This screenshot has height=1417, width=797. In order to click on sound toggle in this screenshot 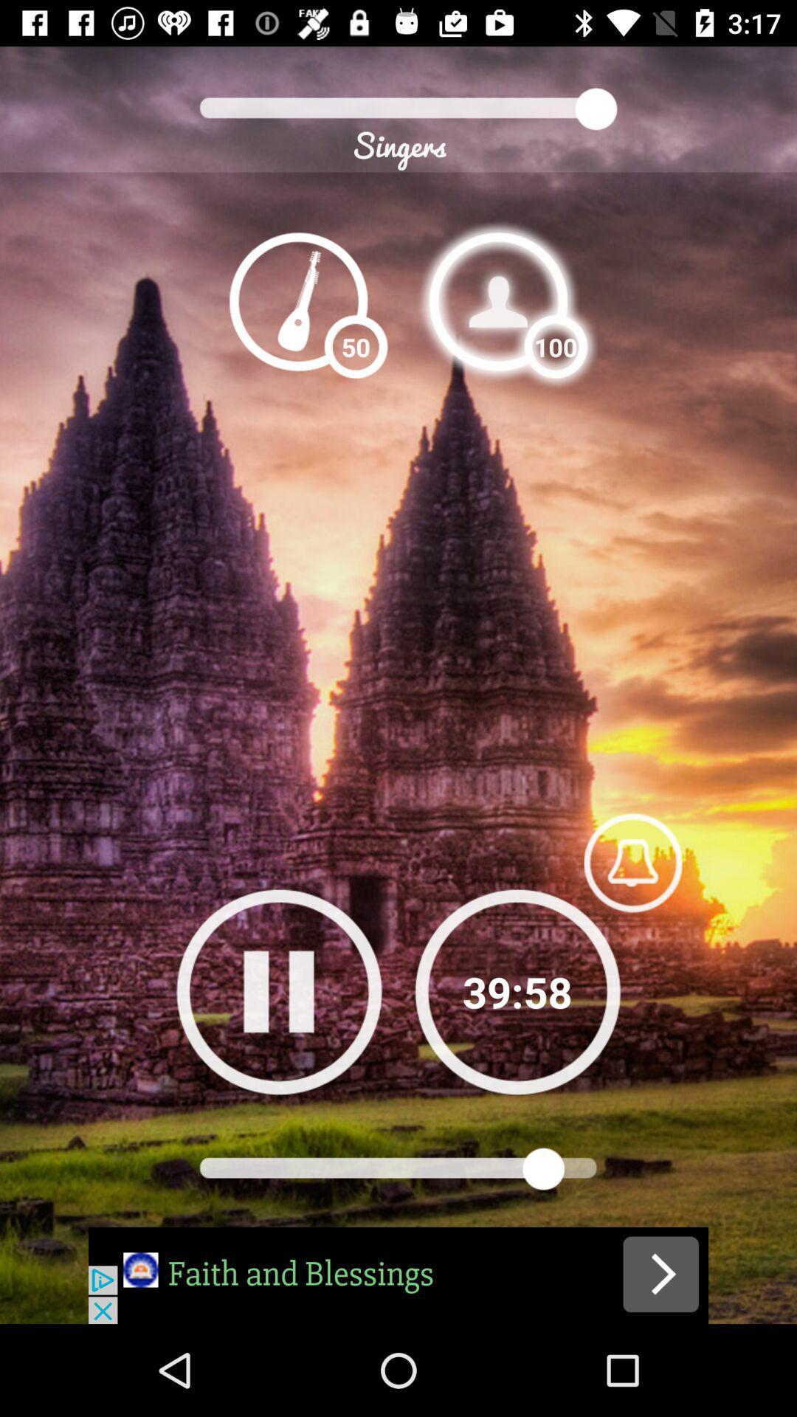, I will do `click(632, 862)`.